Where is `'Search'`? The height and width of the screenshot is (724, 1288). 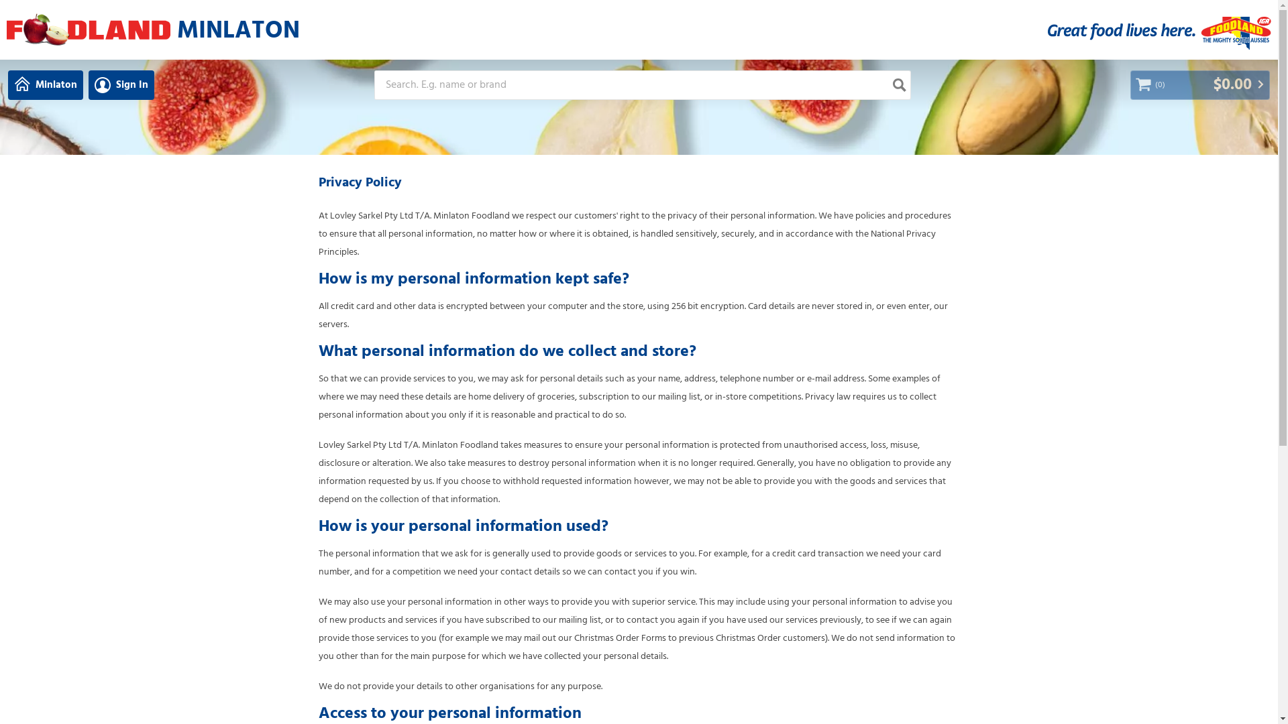
'Search' is located at coordinates (898, 85).